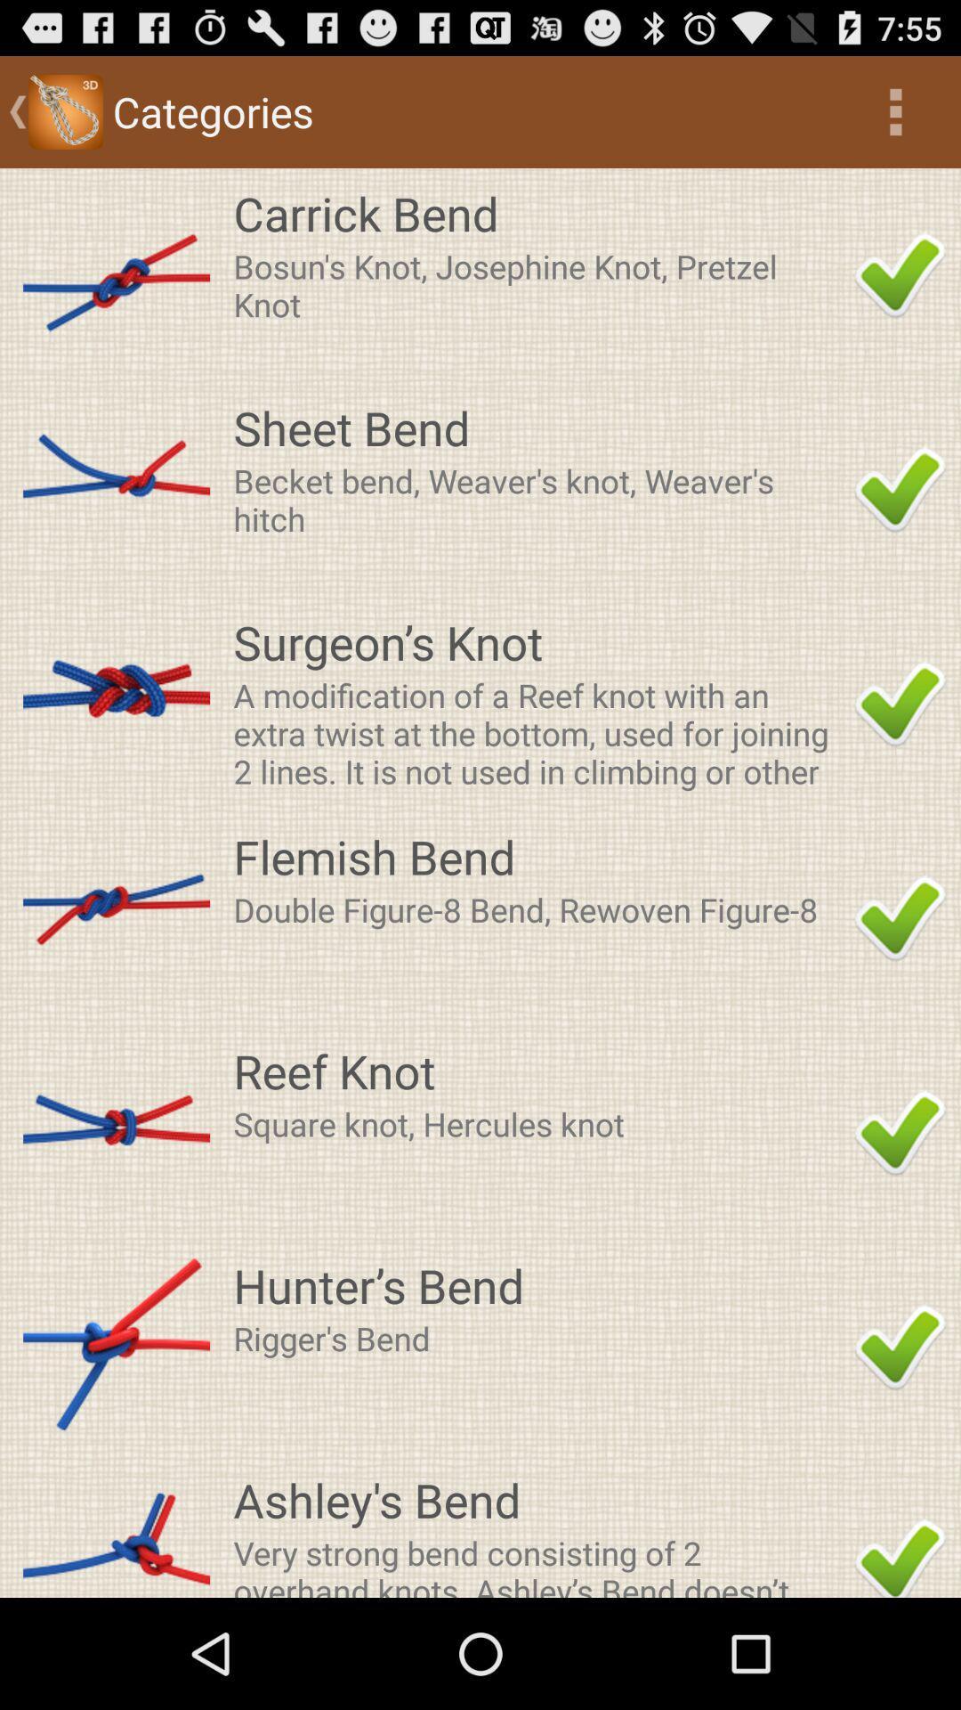 The image size is (961, 1710). Describe the element at coordinates (895, 110) in the screenshot. I see `icon to the right of the categories item` at that location.